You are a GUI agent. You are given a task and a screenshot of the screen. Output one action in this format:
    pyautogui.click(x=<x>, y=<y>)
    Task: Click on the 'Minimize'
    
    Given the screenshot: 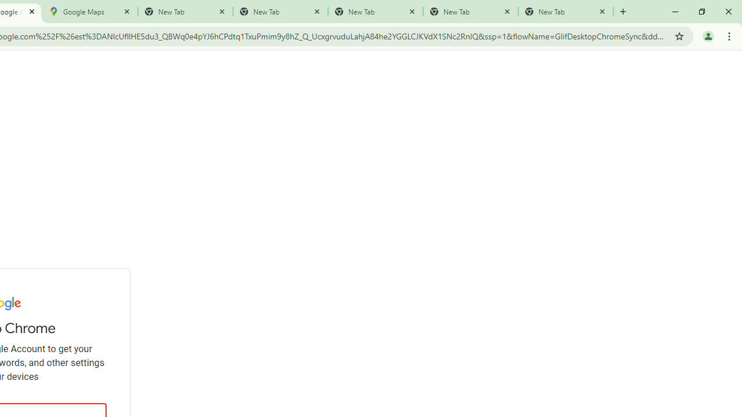 What is the action you would take?
    pyautogui.click(x=675, y=12)
    